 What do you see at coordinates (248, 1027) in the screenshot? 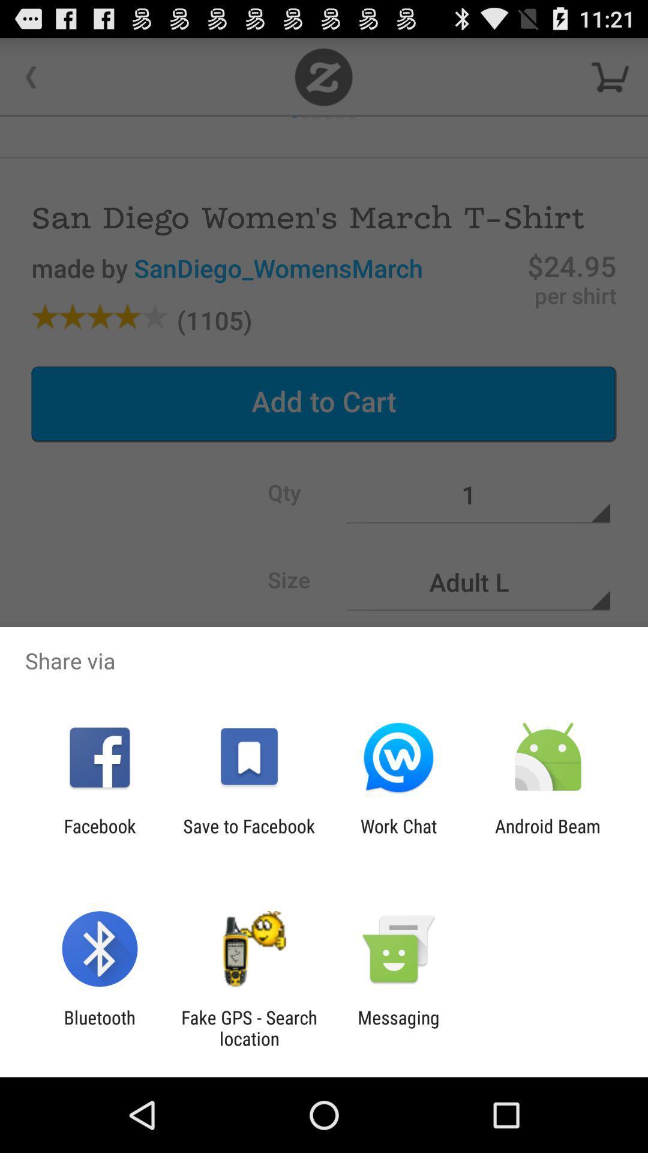
I see `icon next to bluetooth icon` at bounding box center [248, 1027].